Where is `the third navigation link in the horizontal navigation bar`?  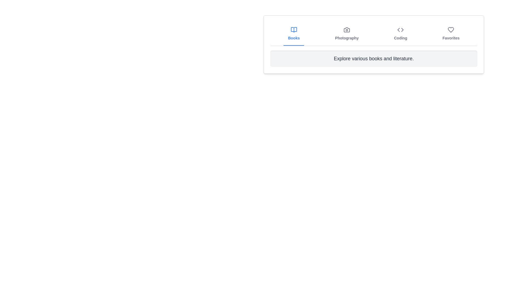
the third navigation link in the horizontal navigation bar is located at coordinates (401, 34).